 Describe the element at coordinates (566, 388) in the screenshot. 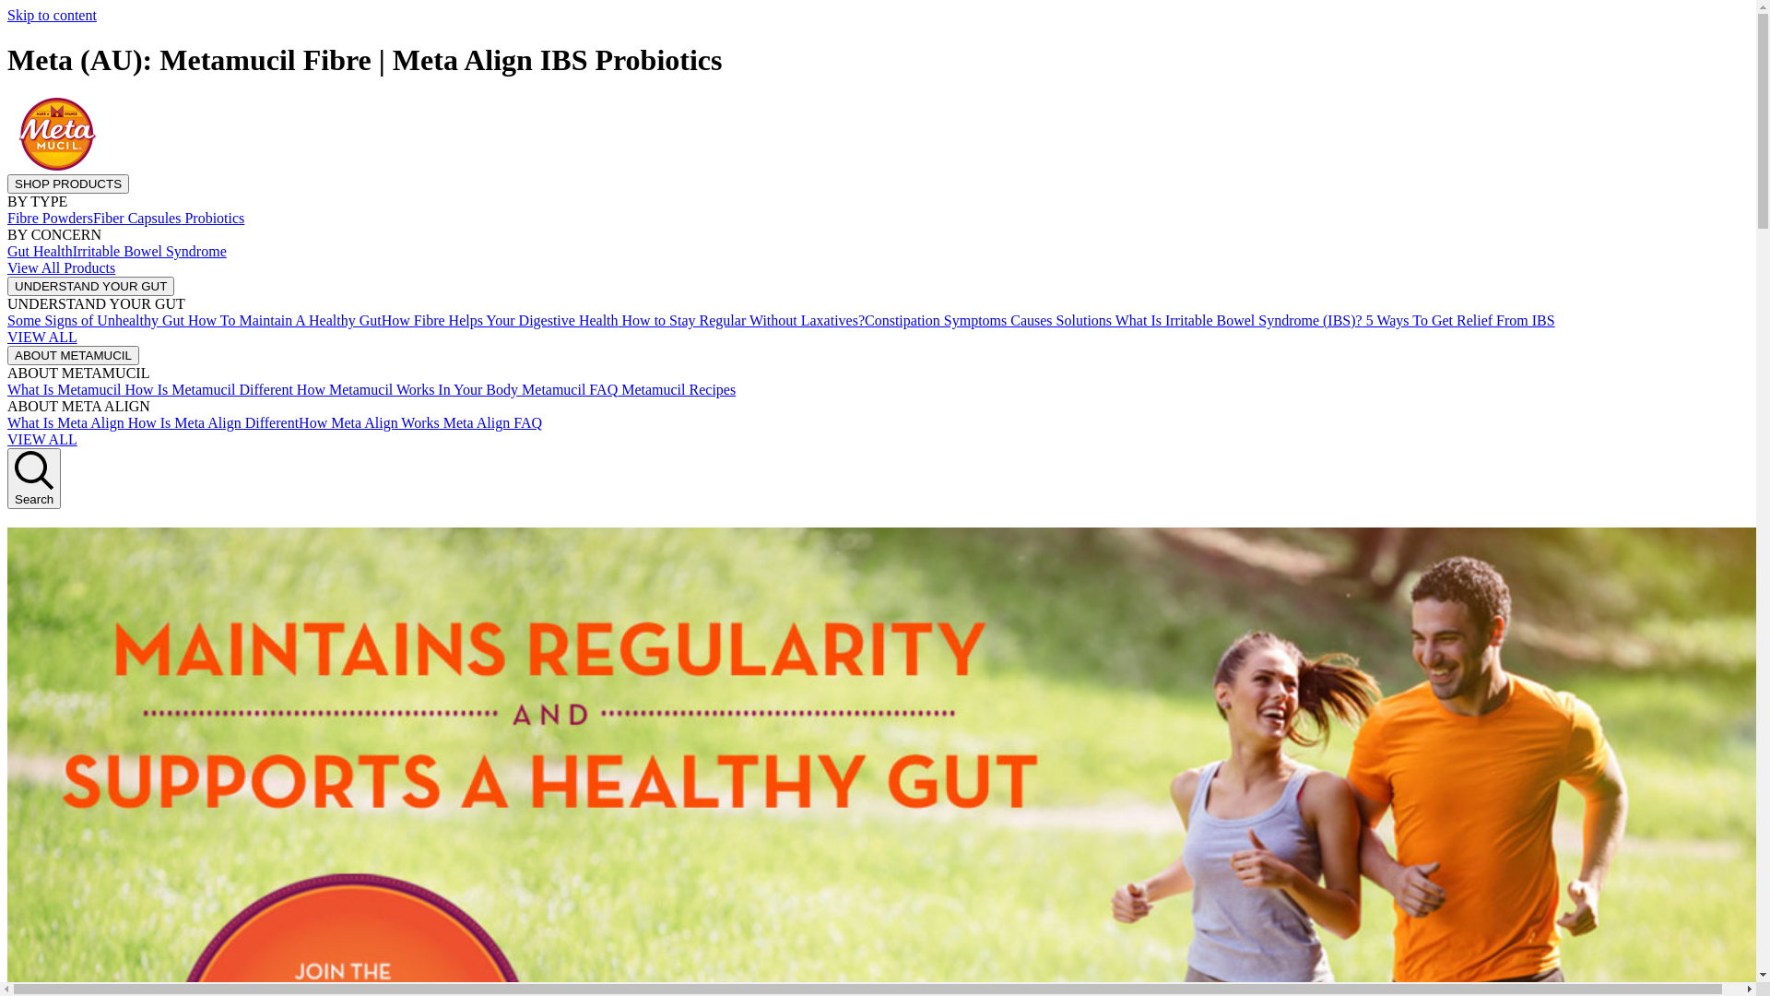

I see `'Metamucil FAQ'` at that location.